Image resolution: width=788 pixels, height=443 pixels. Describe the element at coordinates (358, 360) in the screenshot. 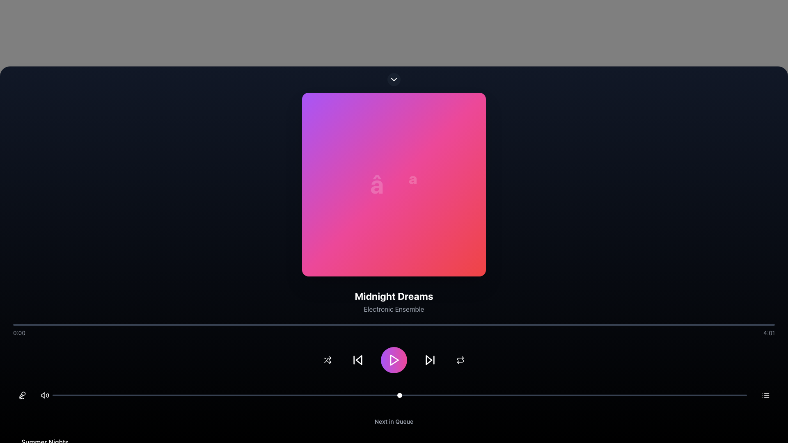

I see `the skip back button located in the bottom control section, second from the left` at that location.